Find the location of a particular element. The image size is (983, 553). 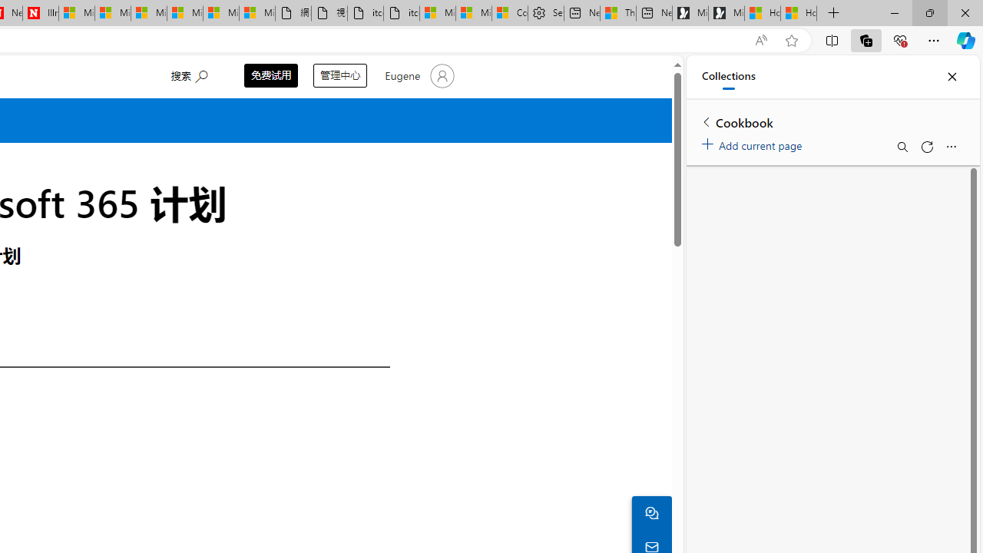

'How to Use a TV as a Computer Monitor' is located at coordinates (799, 13).